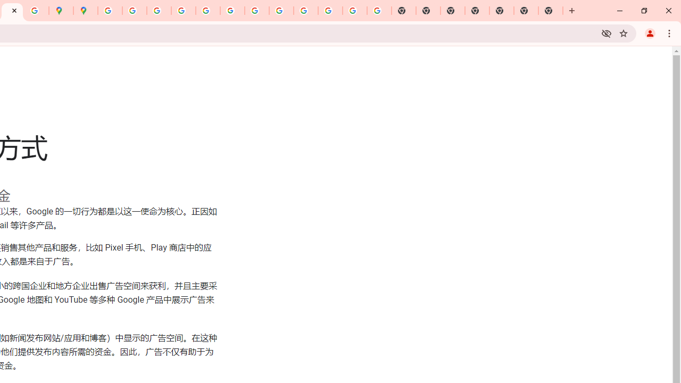  I want to click on 'Third-party cookies blocked', so click(606, 32).